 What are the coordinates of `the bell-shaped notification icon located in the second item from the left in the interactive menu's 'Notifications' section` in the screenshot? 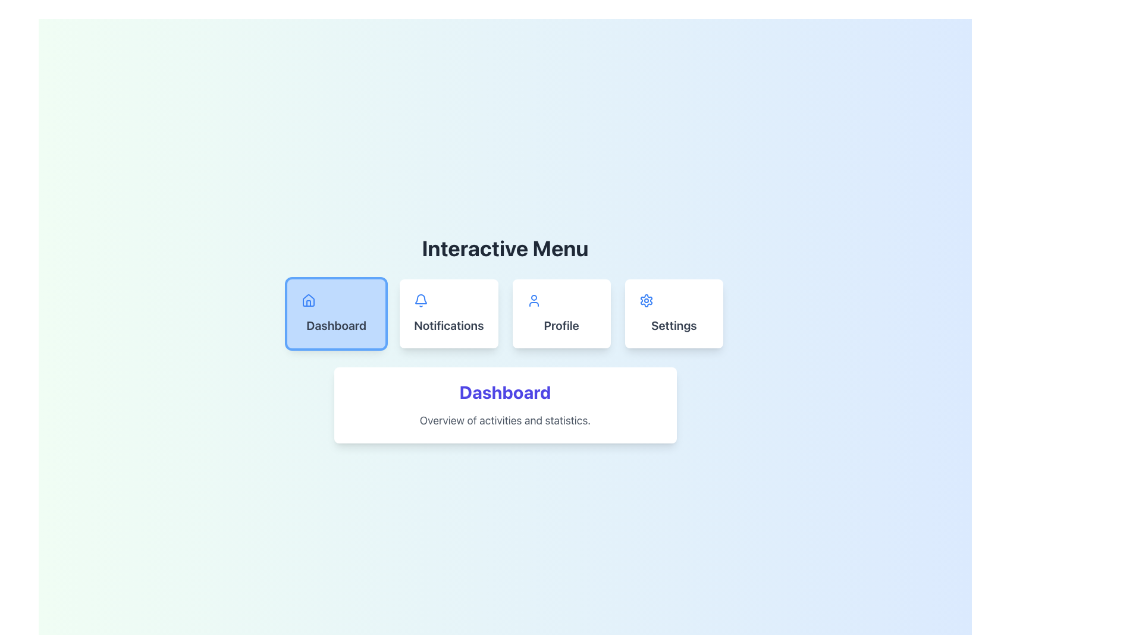 It's located at (421, 298).